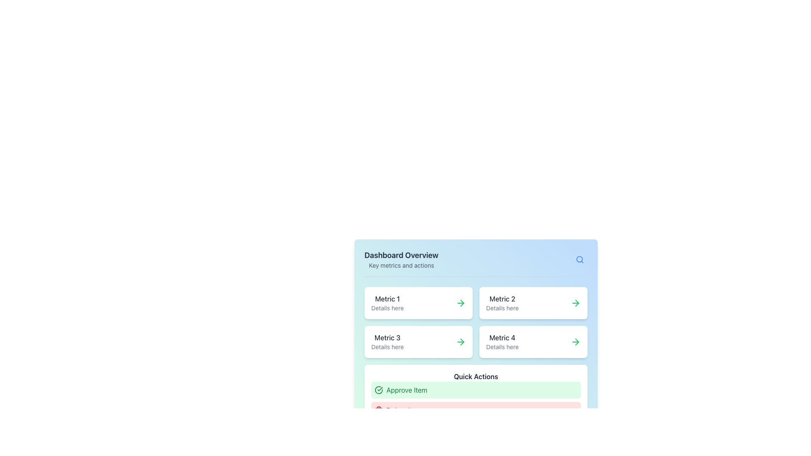 This screenshot has height=456, width=811. I want to click on the green arrow icon pointing right, located in the bottom-right corner of the 'Metric 4' card in the 'Dashboard Overview' section, so click(575, 342).